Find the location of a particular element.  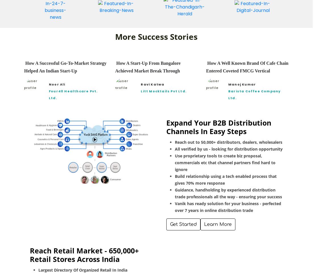

'Expand Your B2B Distribution Channels In Easy Steps' is located at coordinates (219, 126).